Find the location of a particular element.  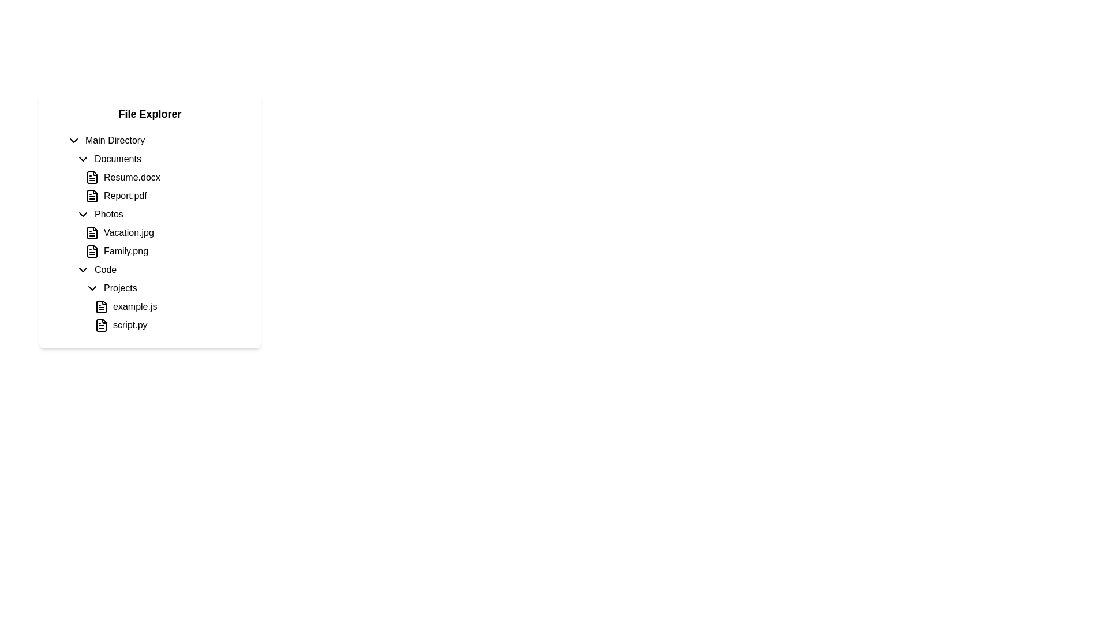

the 'Resume.docx' file entry in the file explorer is located at coordinates (158, 178).